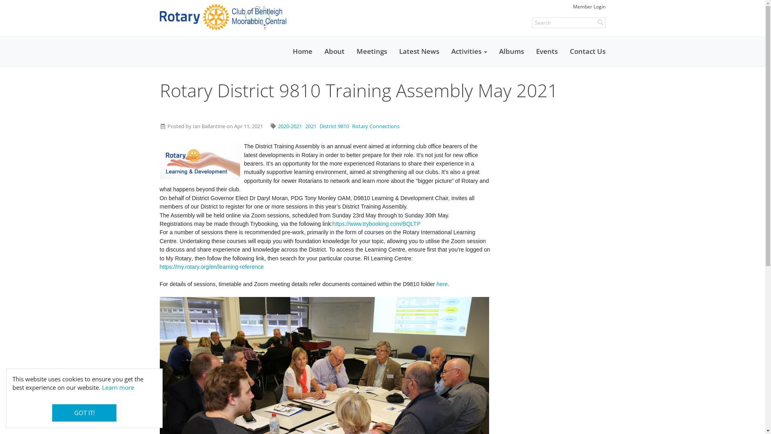 Image resolution: width=771 pixels, height=434 pixels. I want to click on 'About', so click(334, 51).